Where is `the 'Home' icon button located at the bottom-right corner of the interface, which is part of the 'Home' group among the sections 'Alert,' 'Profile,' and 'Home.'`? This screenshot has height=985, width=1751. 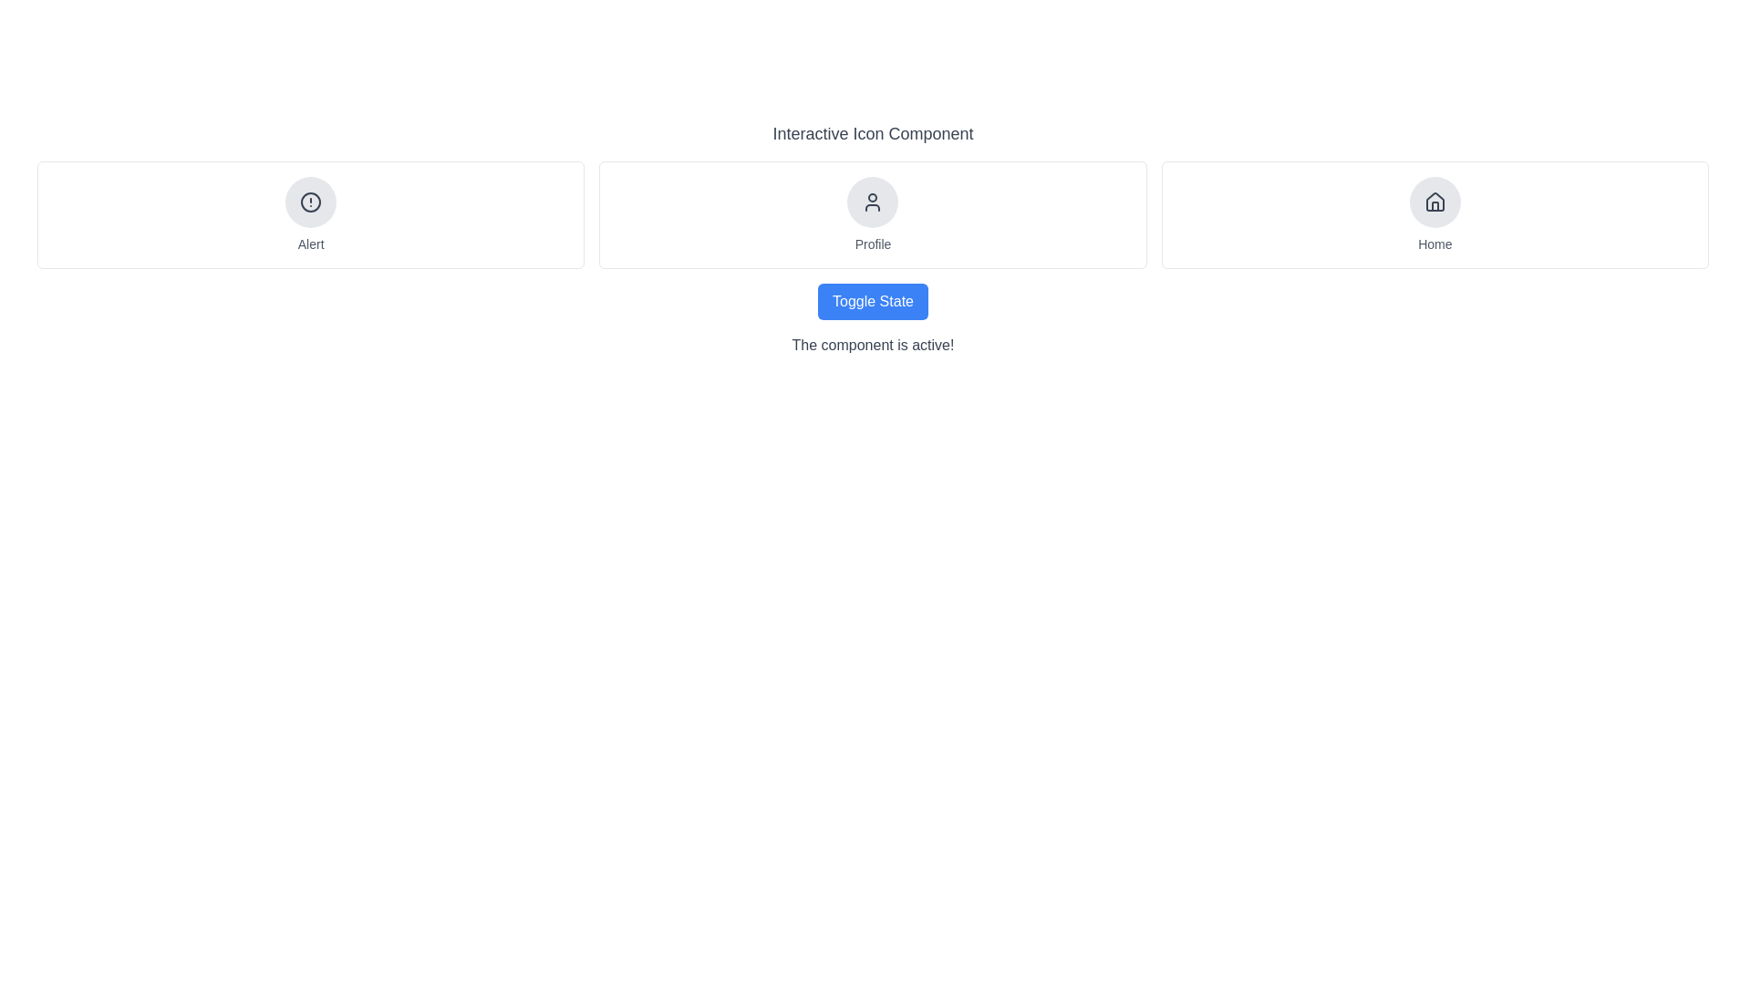
the 'Home' icon button located at the bottom-right corner of the interface, which is part of the 'Home' group among the sections 'Alert,' 'Profile,' and 'Home.' is located at coordinates (1434, 202).